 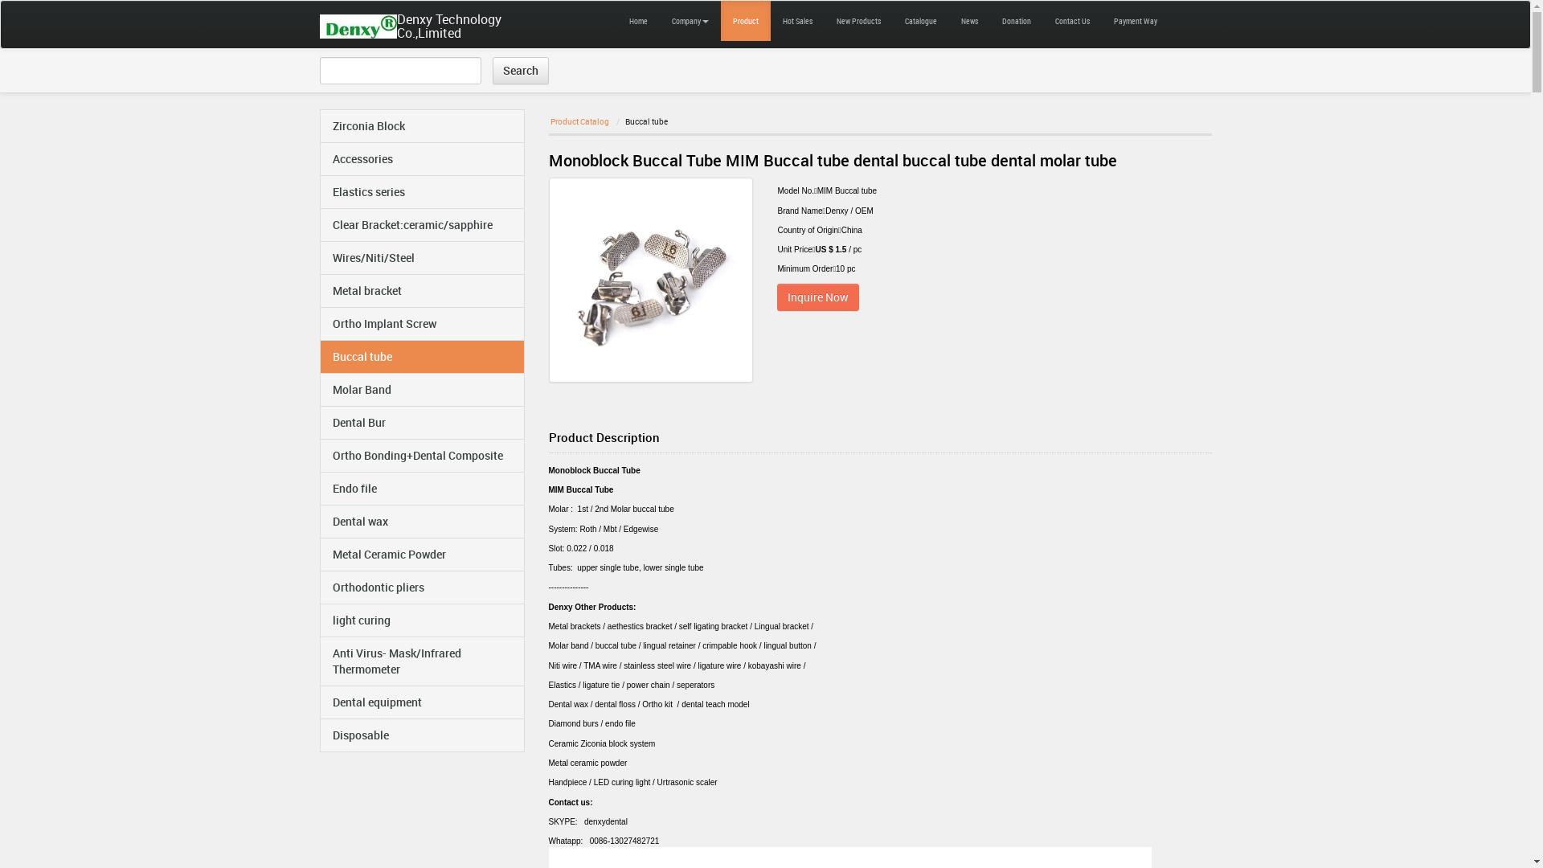 What do you see at coordinates (320, 158) in the screenshot?
I see `'Accessories'` at bounding box center [320, 158].